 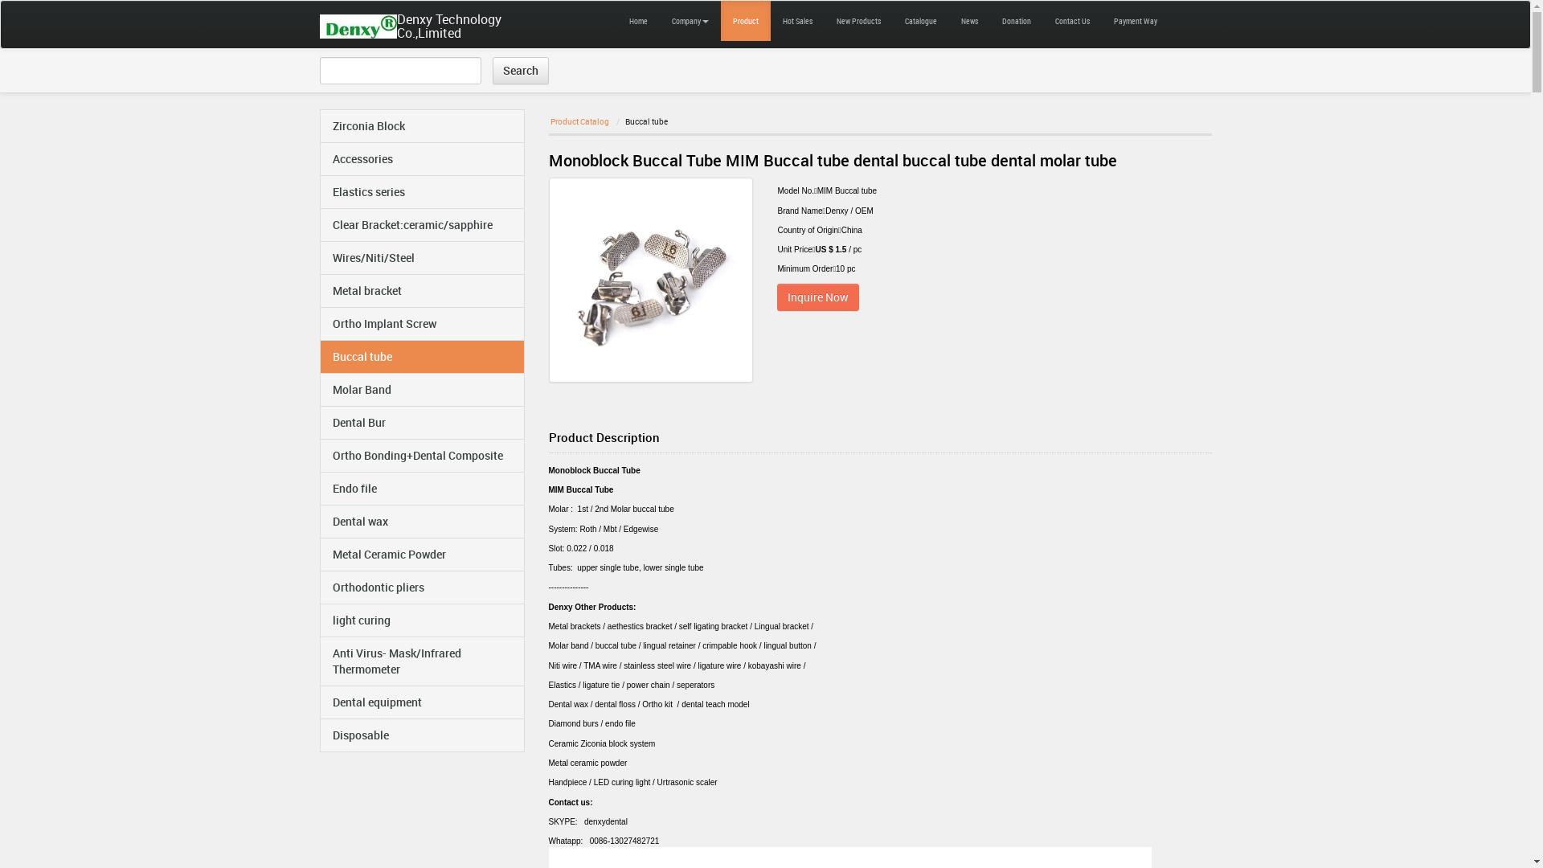 What do you see at coordinates (320, 158) in the screenshot?
I see `'Accessories'` at bounding box center [320, 158].